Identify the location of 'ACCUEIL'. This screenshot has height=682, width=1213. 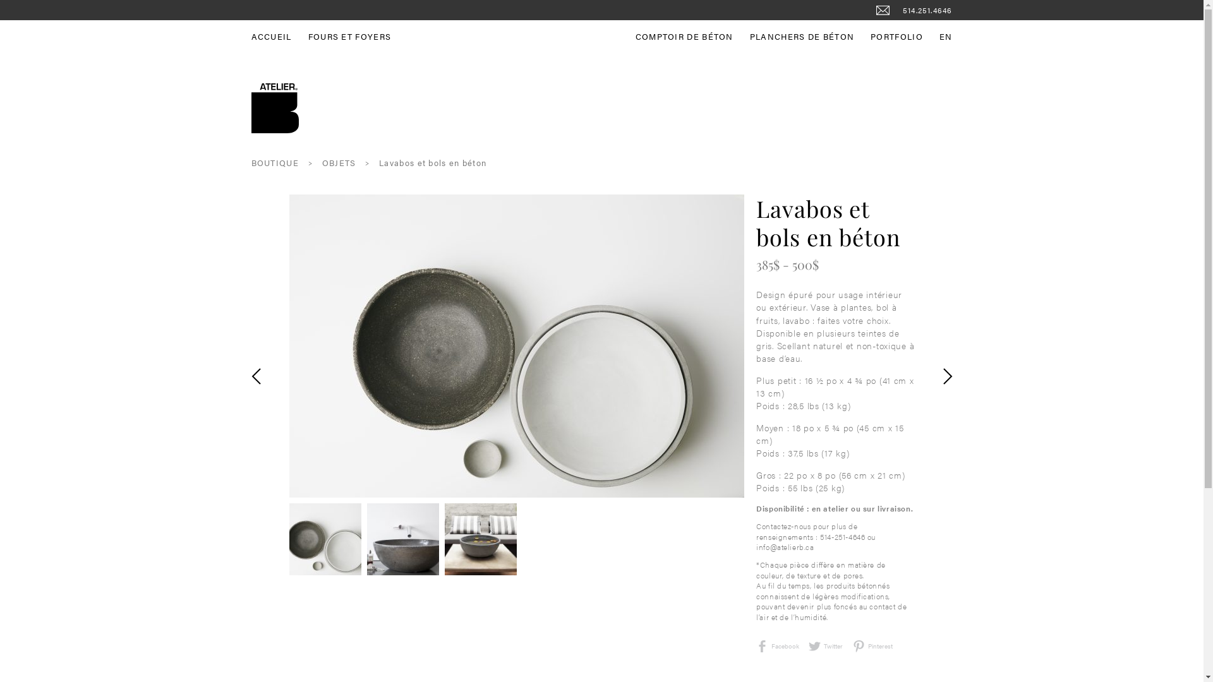
(251, 35).